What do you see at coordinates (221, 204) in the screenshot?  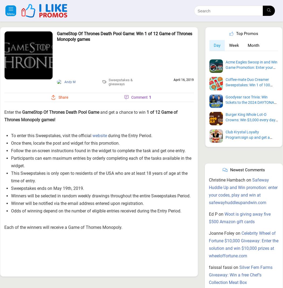 I see `'Joanne Foley'` at bounding box center [221, 204].